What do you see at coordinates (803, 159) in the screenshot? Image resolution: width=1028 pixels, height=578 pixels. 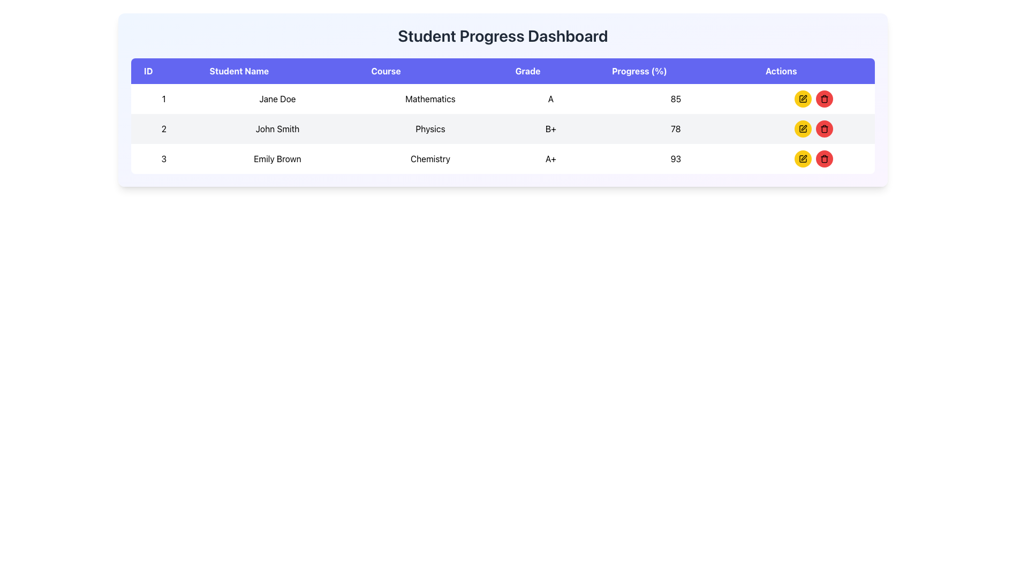 I see `the edit button located in the 'Actions' column of the third row in the 'Student Progress Dashboard'` at bounding box center [803, 159].